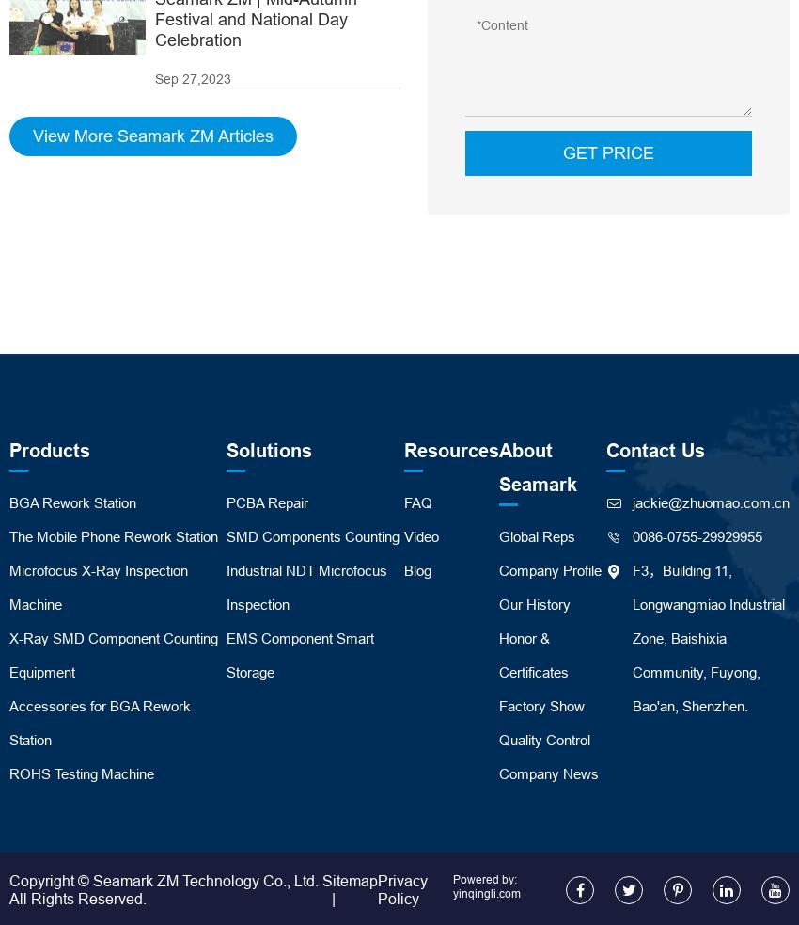 The image size is (799, 925). What do you see at coordinates (403, 502) in the screenshot?
I see `'FAQ'` at bounding box center [403, 502].